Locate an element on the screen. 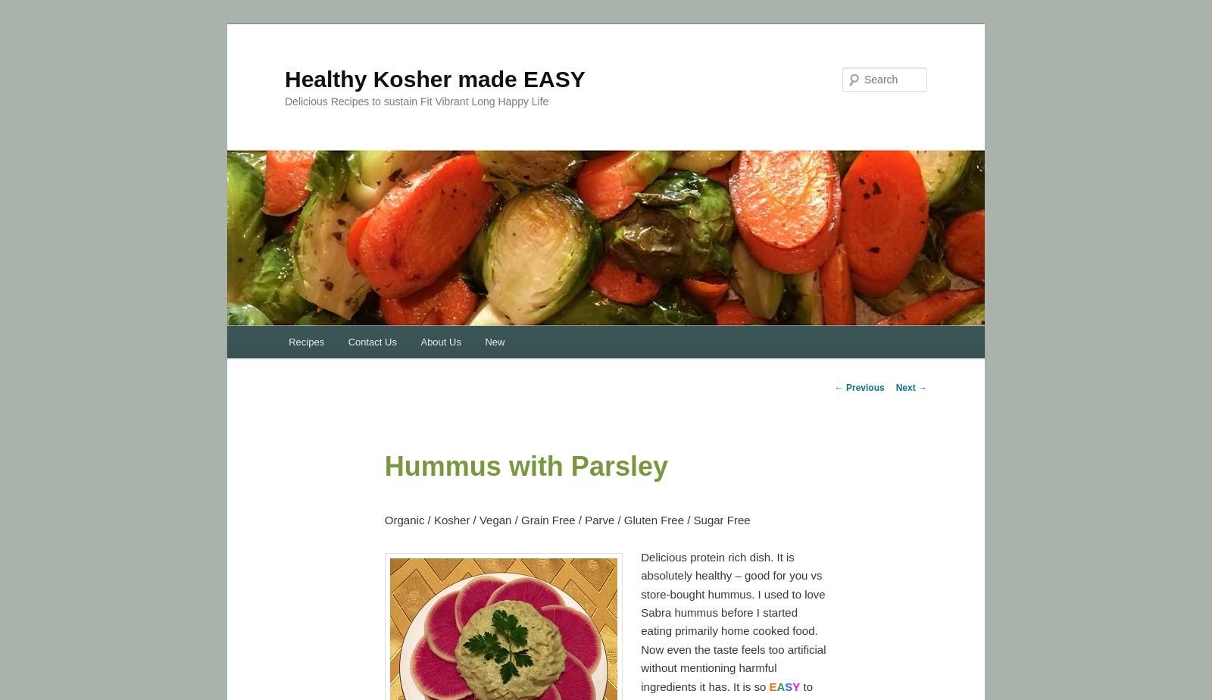  'E' is located at coordinates (772, 686).